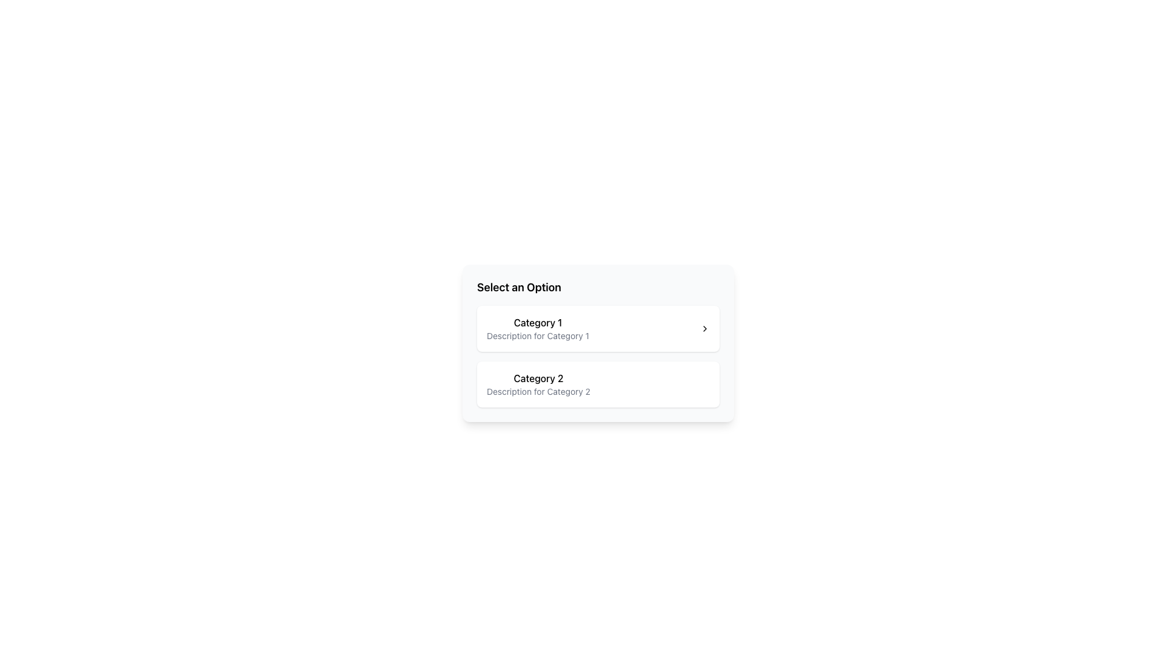 This screenshot has height=654, width=1164. Describe the element at coordinates (704, 329) in the screenshot. I see `the Arrow Icon located at the far-right of the card labeled 'Category 1'` at that location.